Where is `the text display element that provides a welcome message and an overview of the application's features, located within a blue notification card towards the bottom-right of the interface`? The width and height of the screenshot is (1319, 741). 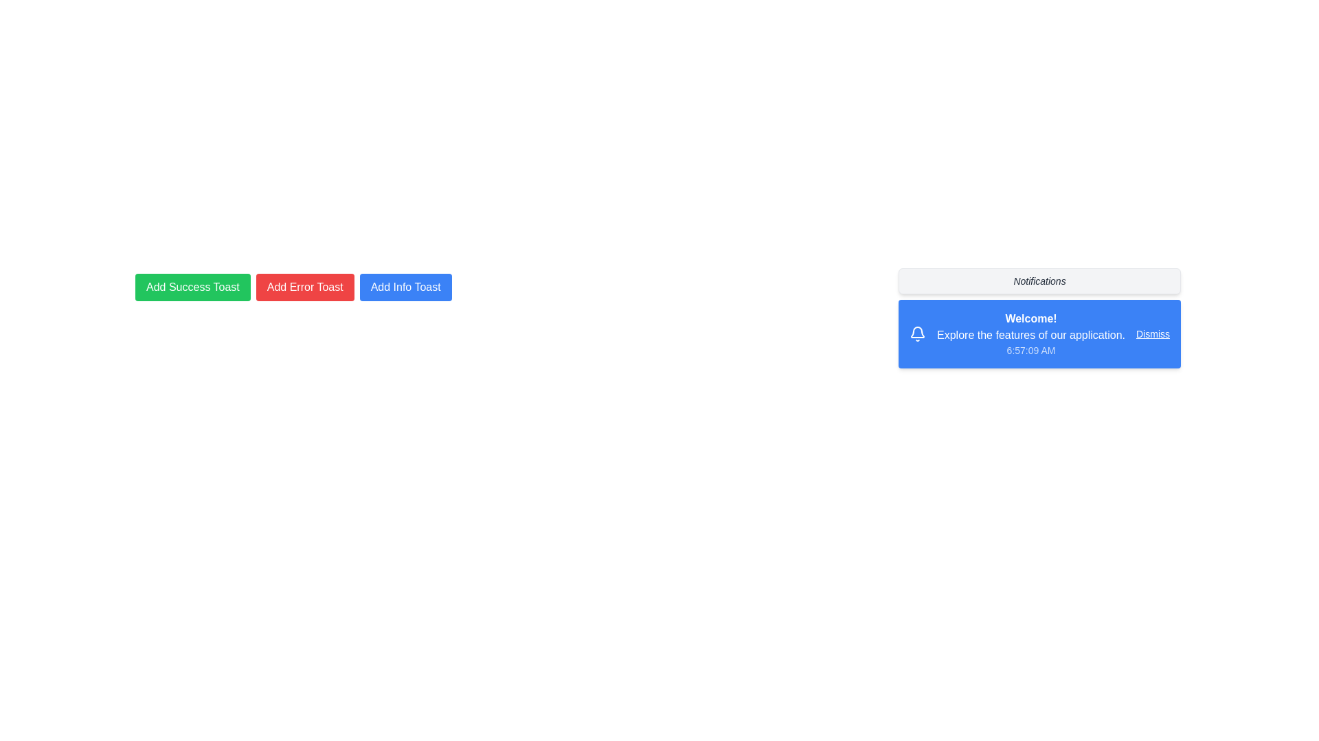 the text display element that provides a welcome message and an overview of the application's features, located within a blue notification card towards the bottom-right of the interface is located at coordinates (1017, 333).